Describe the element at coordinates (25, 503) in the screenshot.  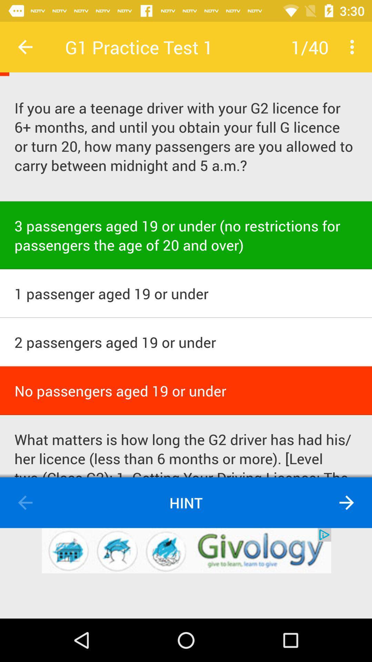
I see `the arrow_backward icon` at that location.